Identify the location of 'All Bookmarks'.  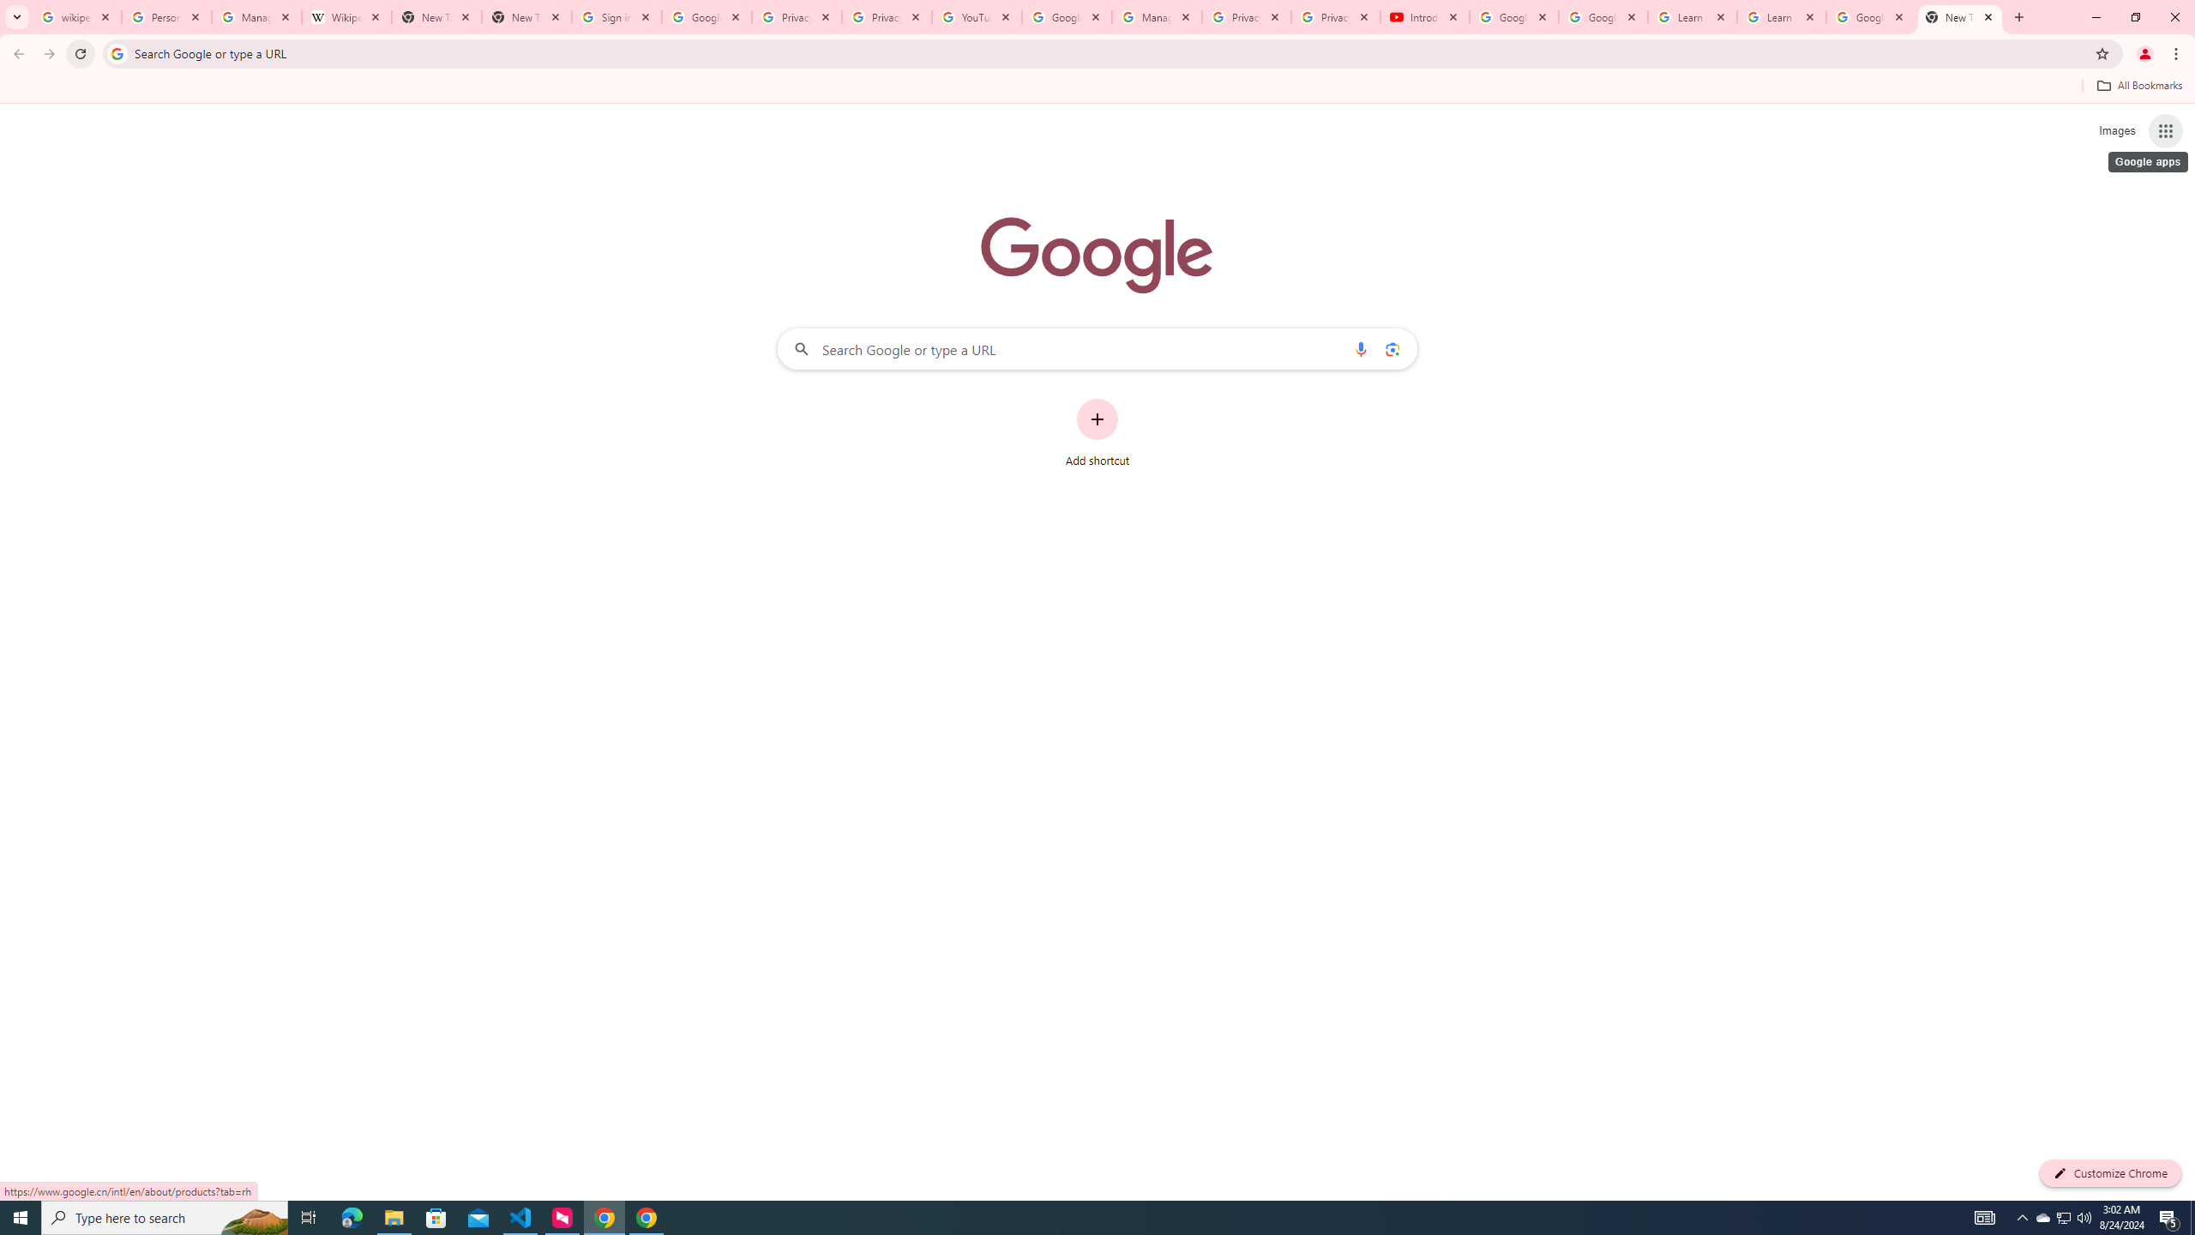
(2138, 85).